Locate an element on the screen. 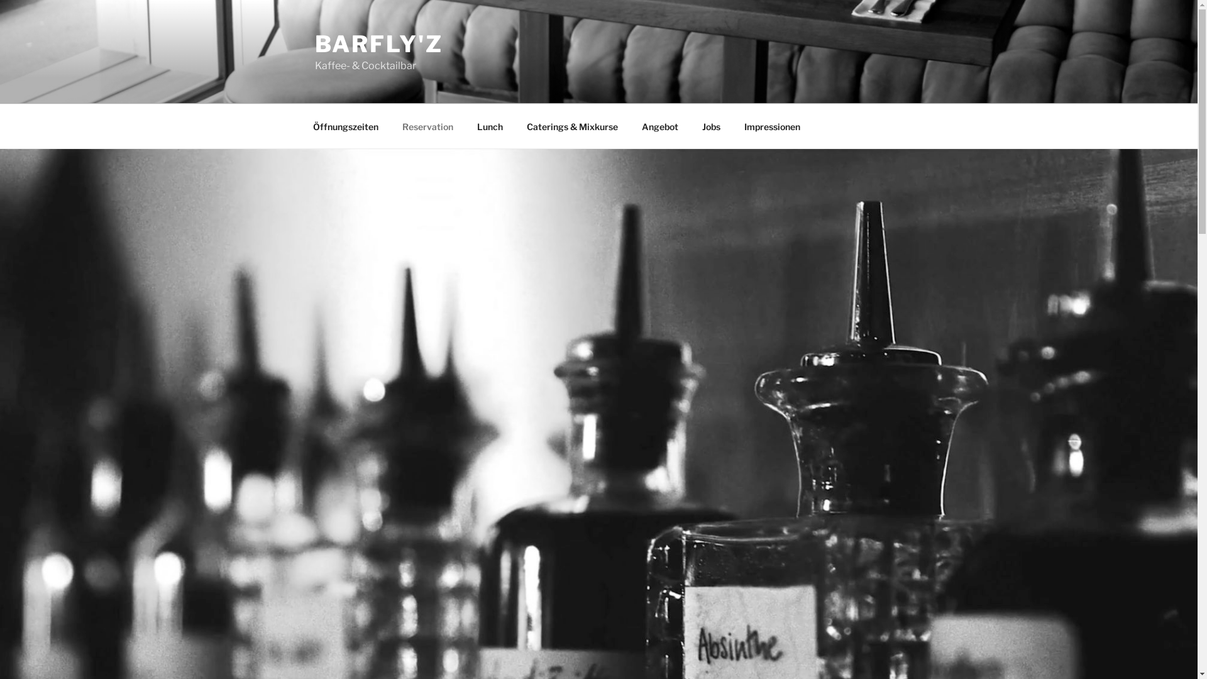 The width and height of the screenshot is (1207, 679). 'Lunch' is located at coordinates (466, 126).